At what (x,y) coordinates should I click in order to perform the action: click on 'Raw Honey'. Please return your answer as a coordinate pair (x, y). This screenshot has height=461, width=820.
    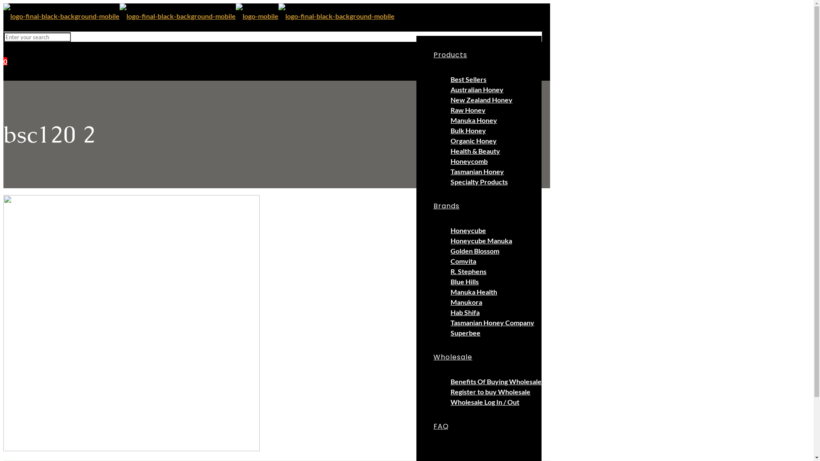
    Looking at the image, I should click on (467, 109).